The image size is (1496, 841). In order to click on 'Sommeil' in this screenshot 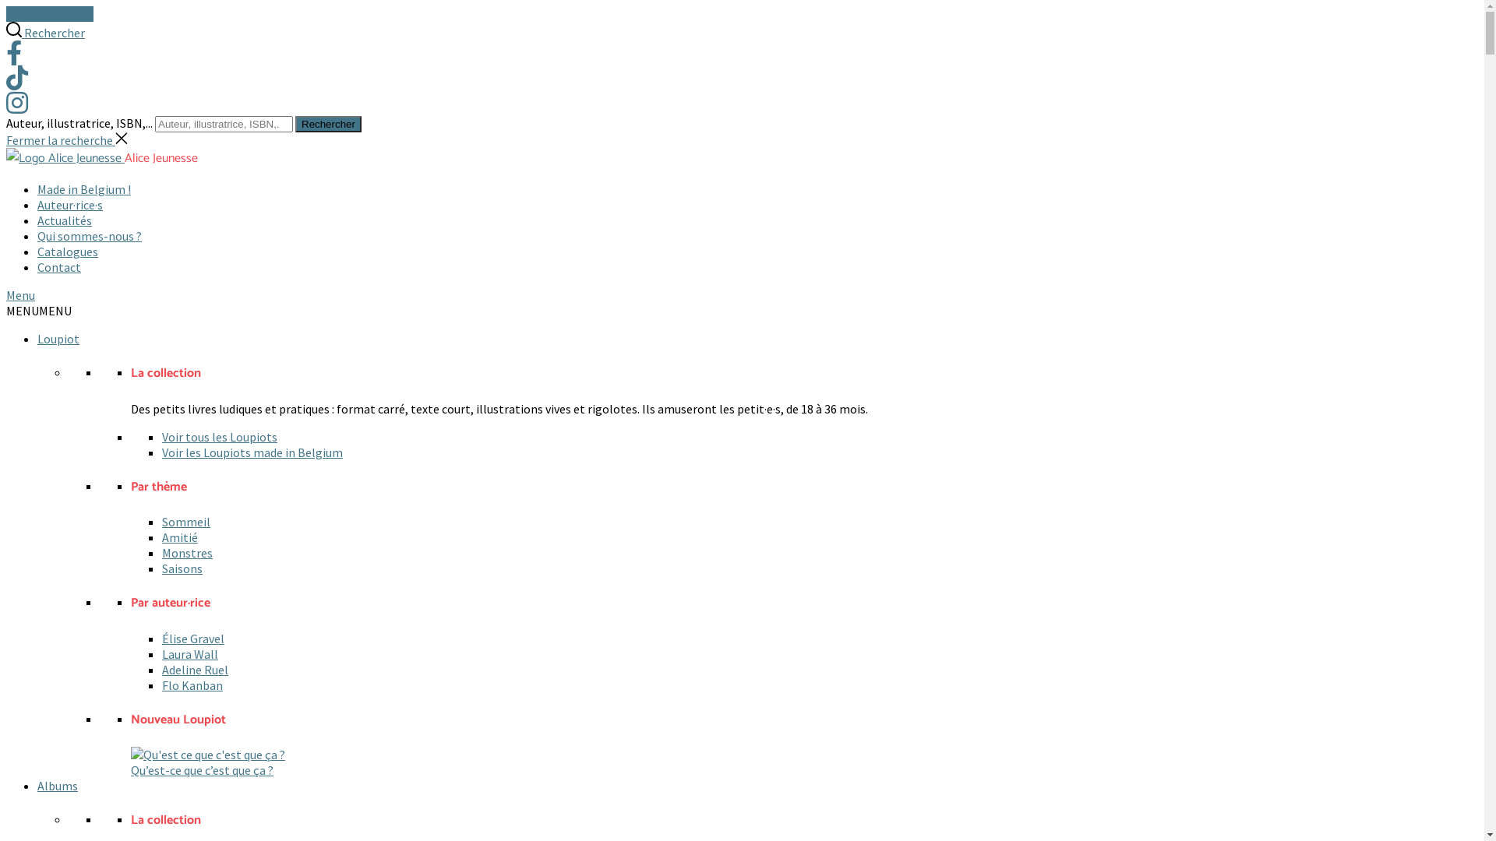, I will do `click(186, 522)`.